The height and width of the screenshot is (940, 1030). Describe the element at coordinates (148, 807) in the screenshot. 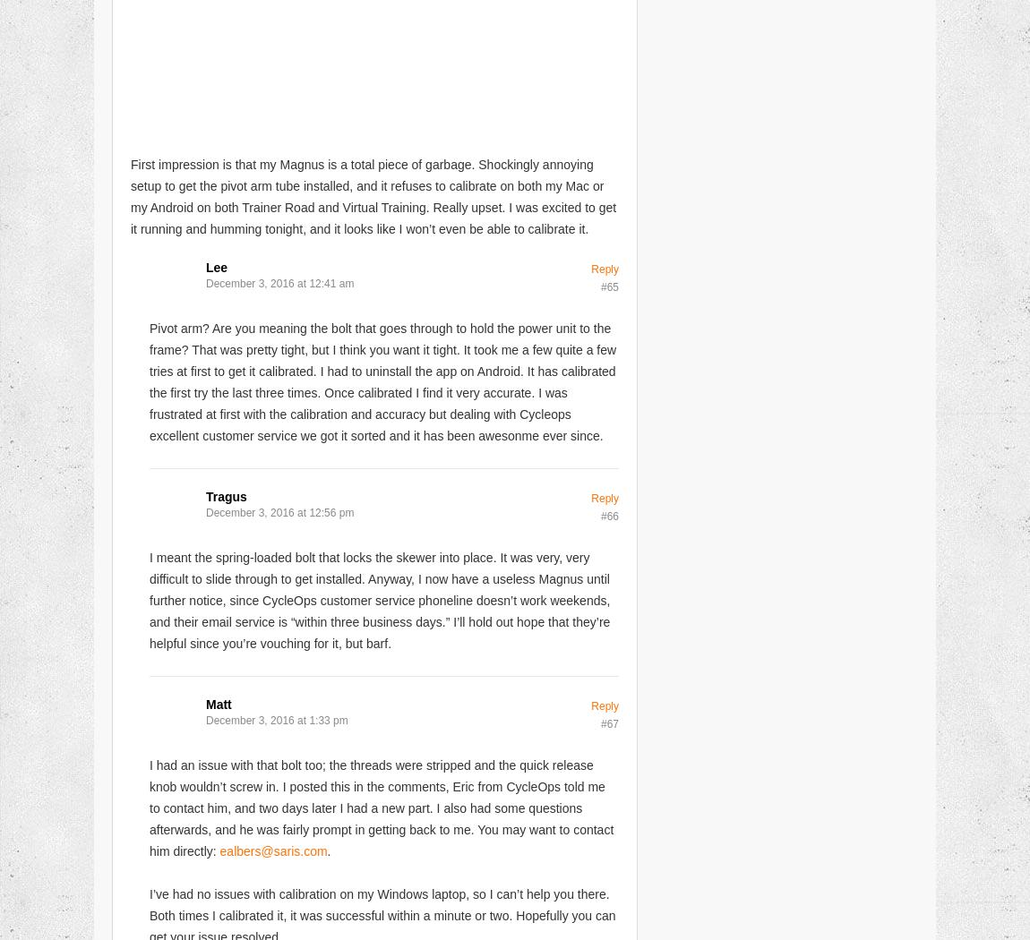

I see `'I had an issue with that bolt too; the threads were stripped and the quick release knob wouldn’t screw in. I posted this in the comments, Eric from CycleOps told me to contact him, and two days later I had a new part. I also had some questions afterwards, and he was fairly prompt in getting back to me. You may want to contact him directly:'` at that location.